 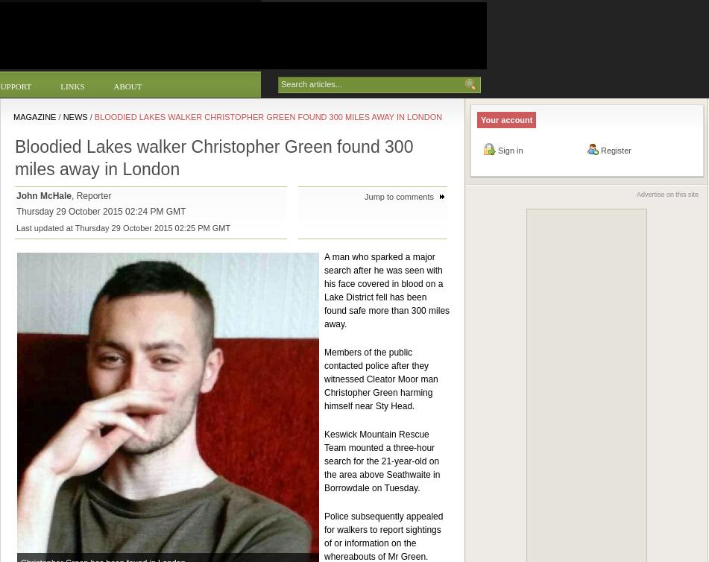 I want to click on 'Members of the public contacted police after they witnessed Cleator Moor man Christopher Green harming himself near Sty Head.', so click(x=379, y=379).